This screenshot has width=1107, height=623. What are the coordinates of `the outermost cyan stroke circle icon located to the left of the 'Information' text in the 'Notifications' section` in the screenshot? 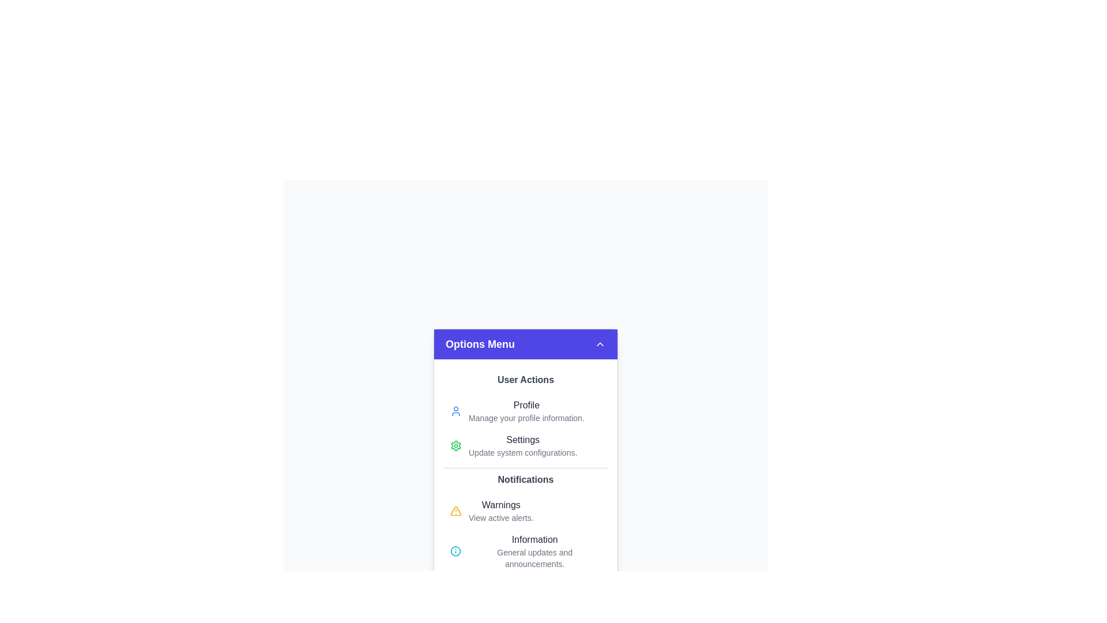 It's located at (455, 551).